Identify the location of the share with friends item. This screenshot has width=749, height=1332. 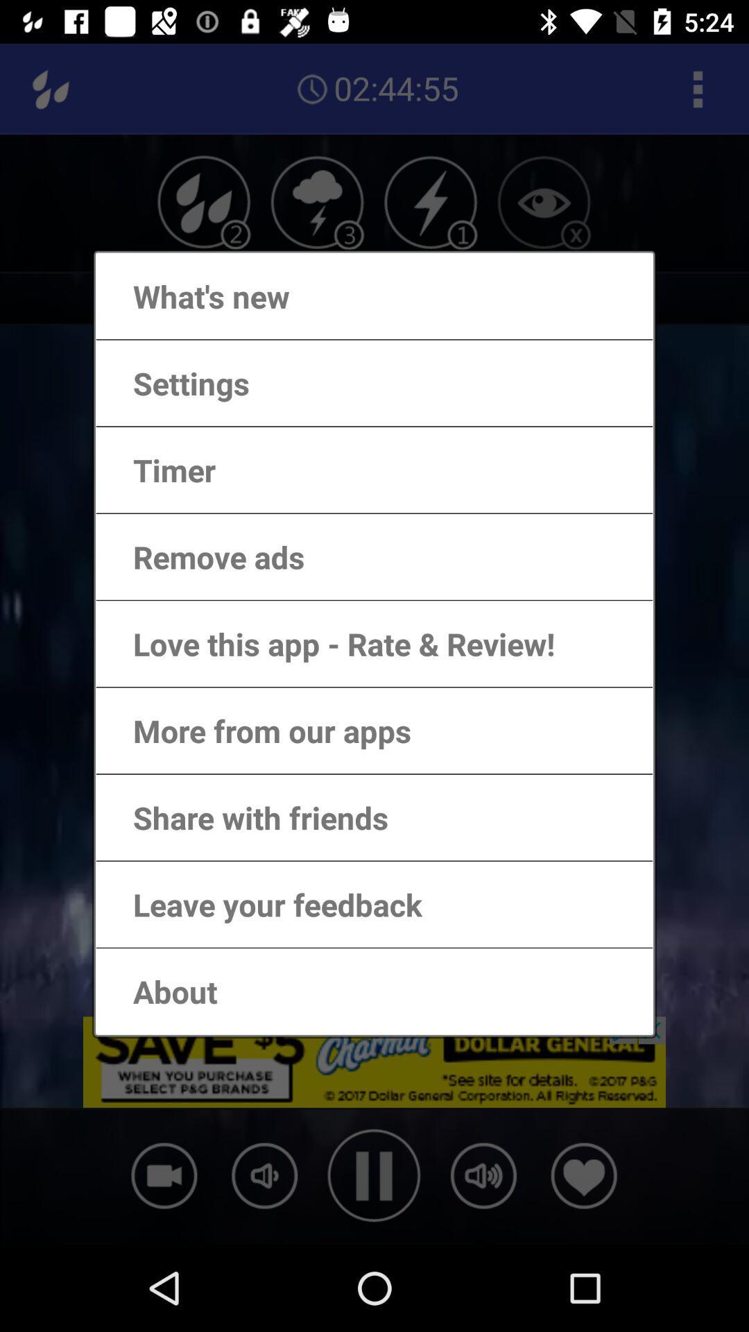
(246, 817).